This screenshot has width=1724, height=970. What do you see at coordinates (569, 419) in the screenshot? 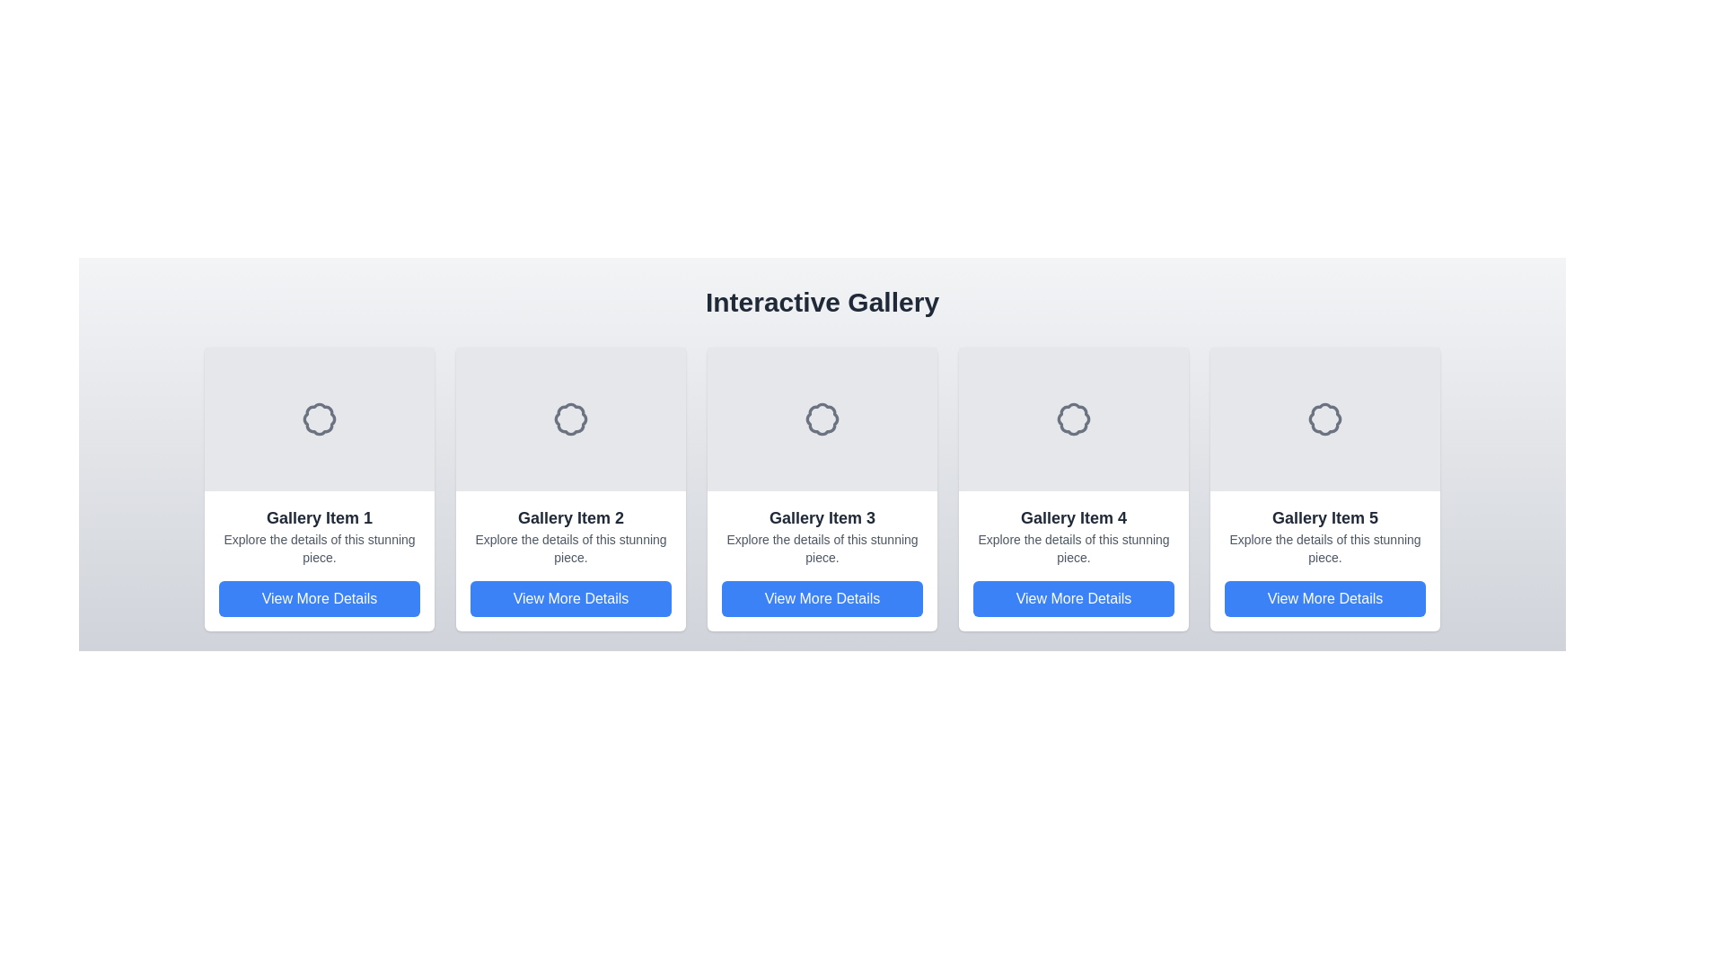
I see `the scalloped circular icon with a gray border located at the center-top of the 'Gallery Item 2' card, which is the second item from the left in the gallery` at bounding box center [569, 419].